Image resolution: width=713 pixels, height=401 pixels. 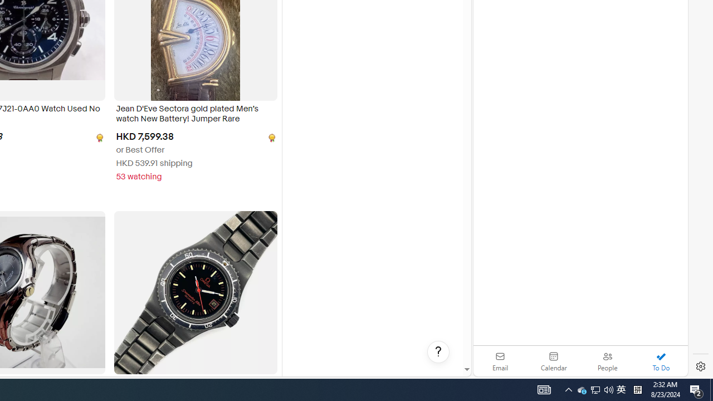 What do you see at coordinates (554, 361) in the screenshot?
I see `'Calendar. Date today is 22'` at bounding box center [554, 361].